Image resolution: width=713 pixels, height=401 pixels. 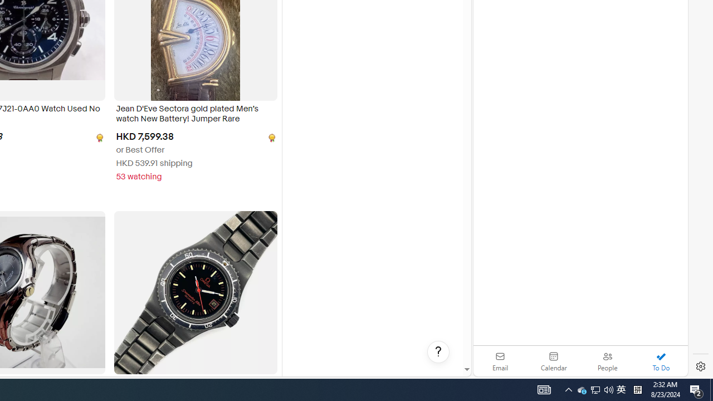 What do you see at coordinates (554, 361) in the screenshot?
I see `'Calendar. Date today is 22'` at bounding box center [554, 361].